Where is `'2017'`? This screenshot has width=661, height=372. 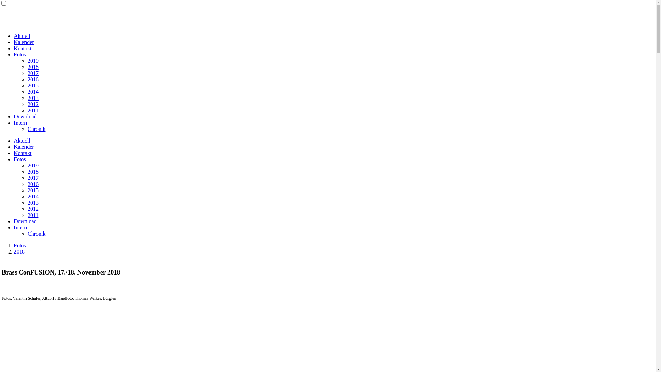
'2017' is located at coordinates (33, 177).